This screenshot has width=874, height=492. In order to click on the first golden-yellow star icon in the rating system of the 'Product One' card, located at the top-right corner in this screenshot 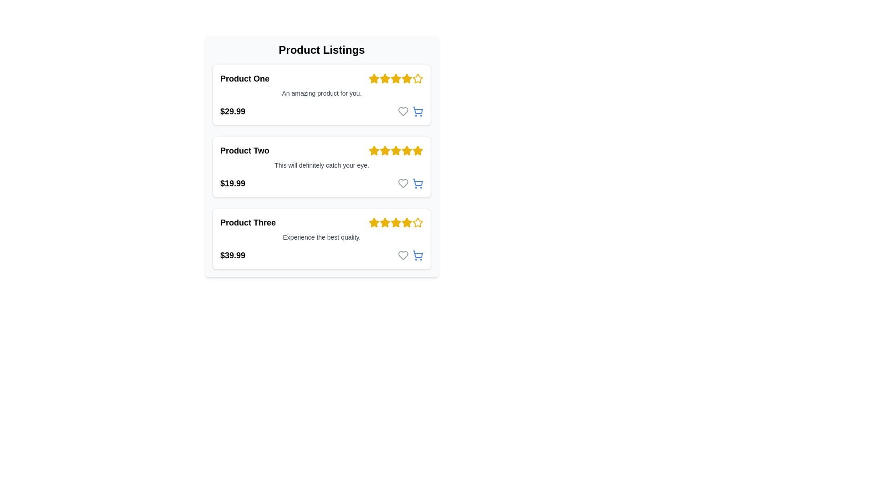, I will do `click(374, 78)`.